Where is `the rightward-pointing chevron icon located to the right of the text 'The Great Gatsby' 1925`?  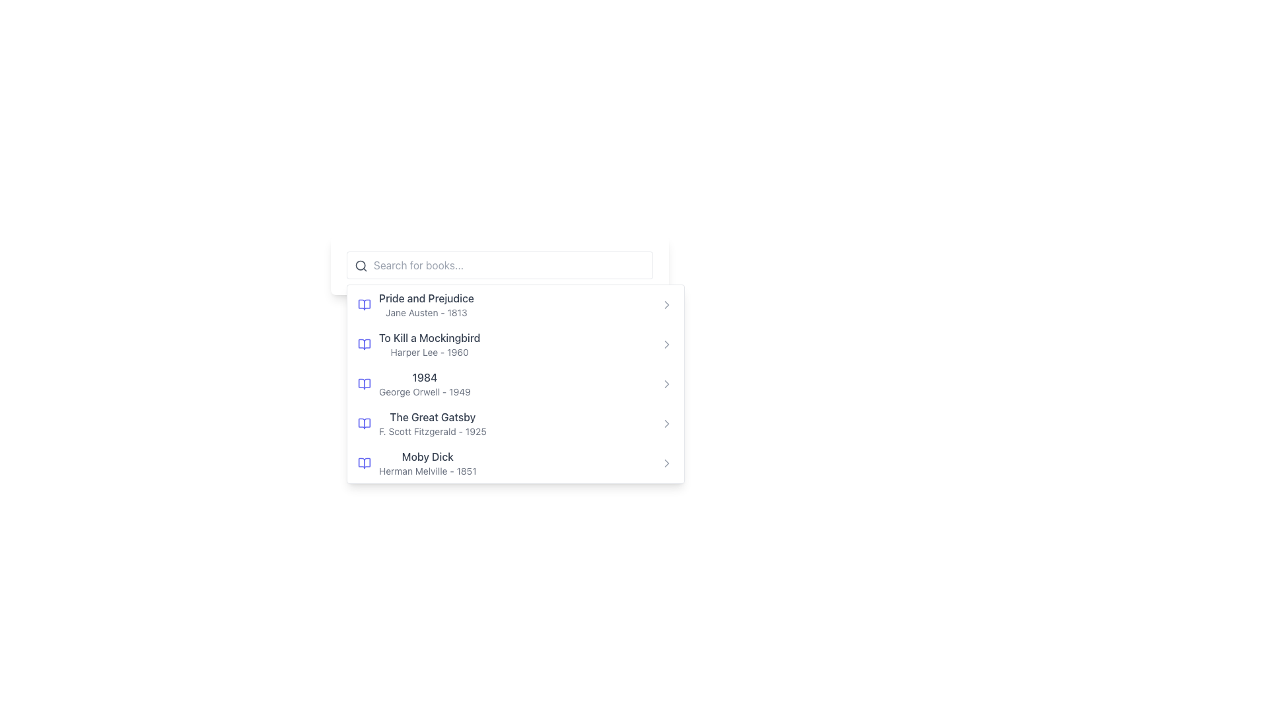 the rightward-pointing chevron icon located to the right of the text 'The Great Gatsby' 1925 is located at coordinates (666, 423).